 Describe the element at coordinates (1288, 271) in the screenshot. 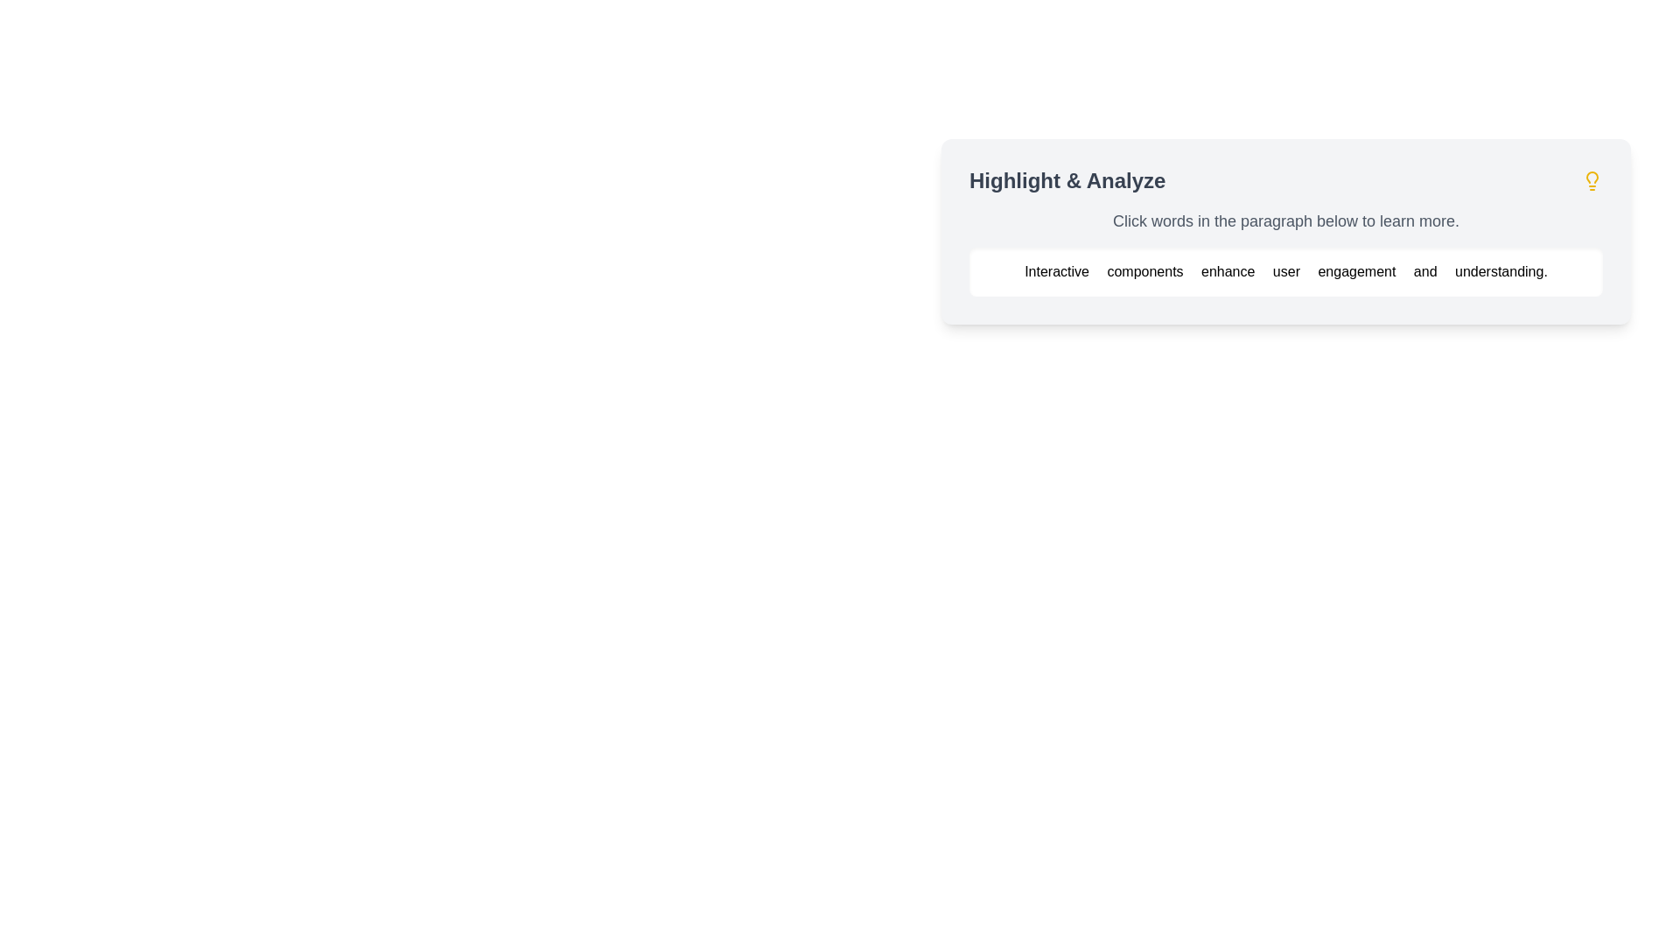

I see `the fourth word 'user' in the sequence of interactive text buttons` at that location.